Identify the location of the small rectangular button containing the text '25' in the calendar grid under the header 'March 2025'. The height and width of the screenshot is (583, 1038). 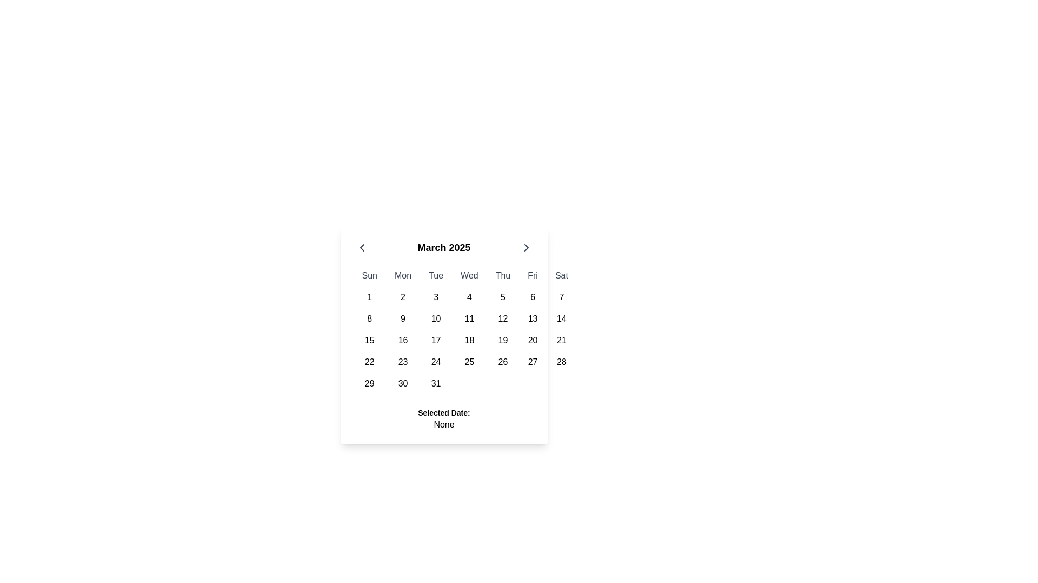
(469, 362).